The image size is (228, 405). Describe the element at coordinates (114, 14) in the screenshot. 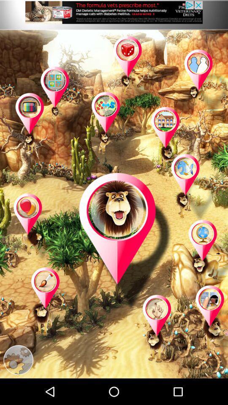

I see `advertisement` at that location.